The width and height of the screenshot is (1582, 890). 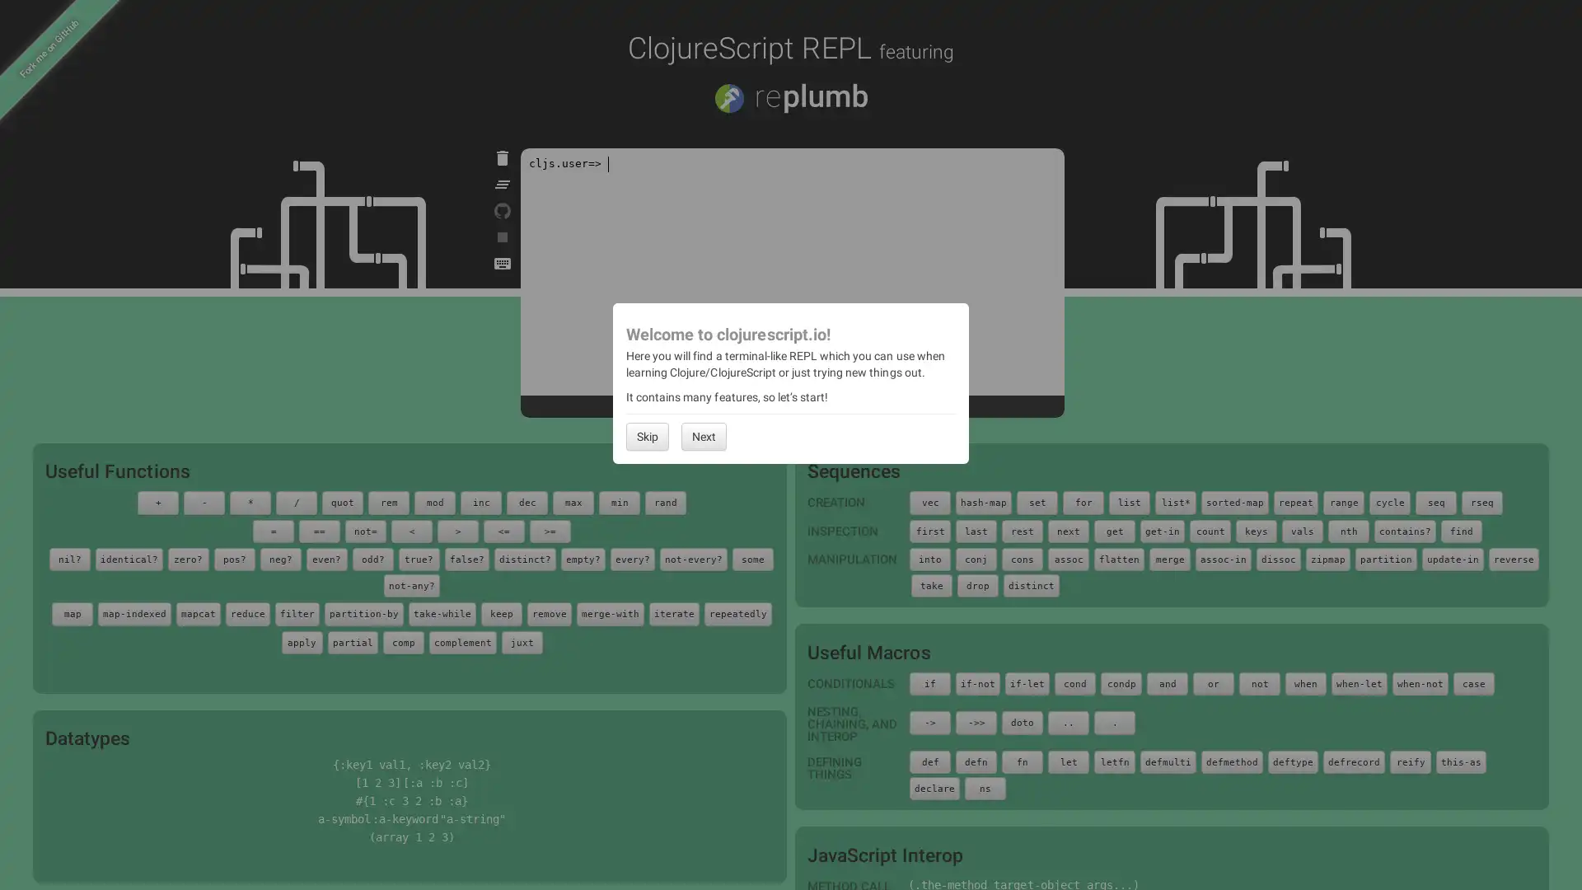 What do you see at coordinates (929, 683) in the screenshot?
I see `if` at bounding box center [929, 683].